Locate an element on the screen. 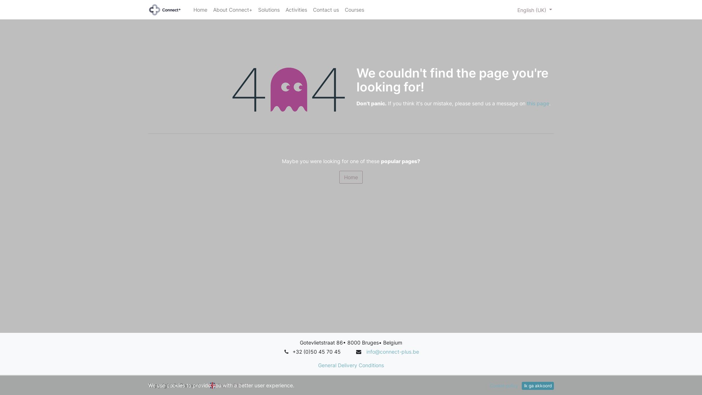 The image size is (702, 395). 'English (UK)' is located at coordinates (207, 385).